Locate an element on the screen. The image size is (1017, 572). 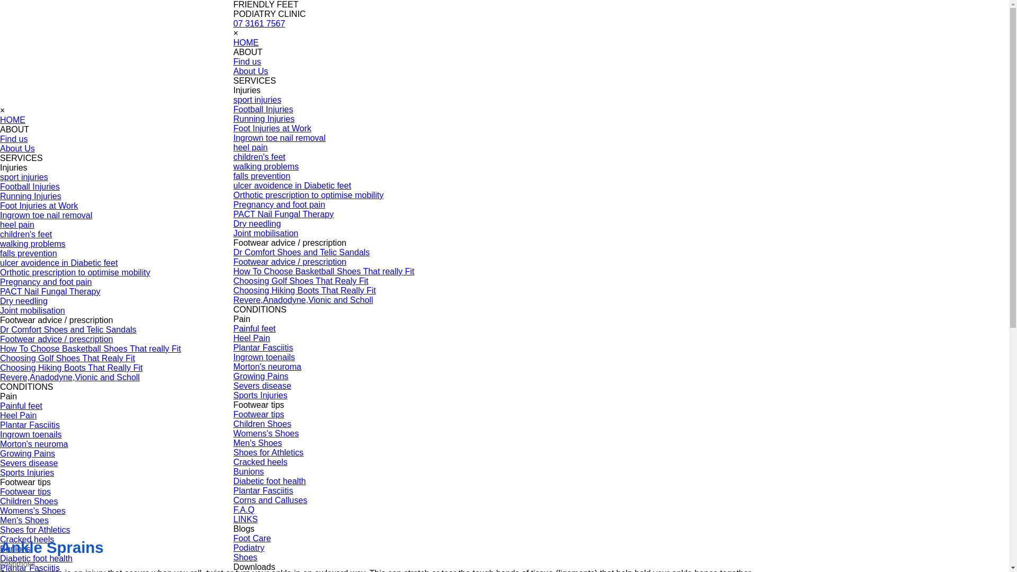
'Footwear tips' is located at coordinates (258, 414).